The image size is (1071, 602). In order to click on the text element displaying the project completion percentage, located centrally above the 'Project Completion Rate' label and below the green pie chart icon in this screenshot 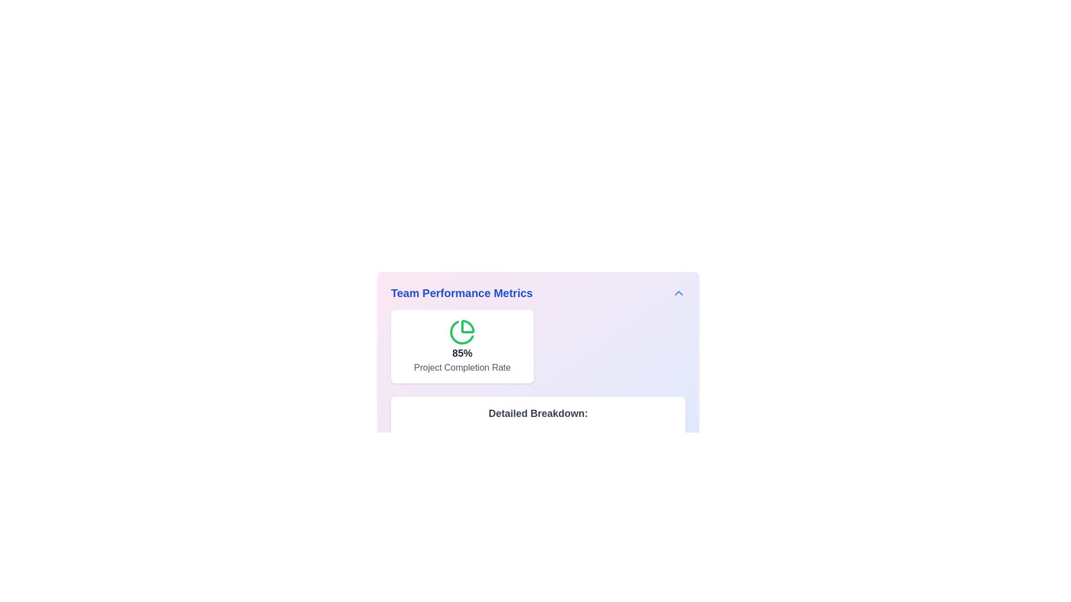, I will do `click(462, 353)`.